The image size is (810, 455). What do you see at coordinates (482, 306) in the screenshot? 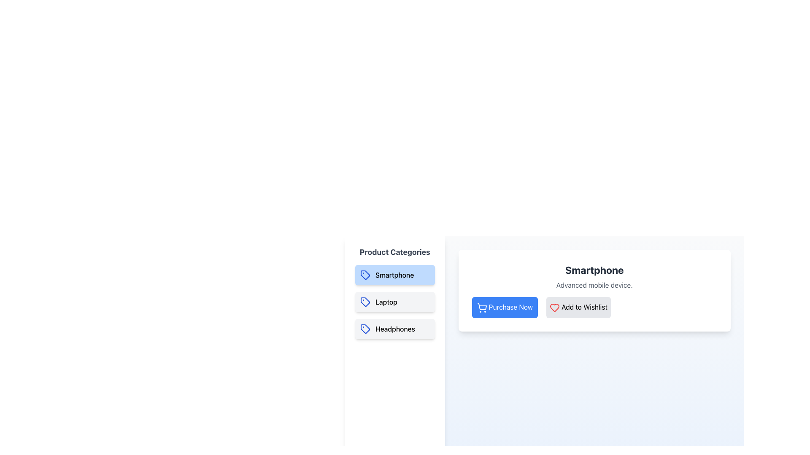
I see `the shopping cart icon located on the blue 'Purchase Now' button` at bounding box center [482, 306].